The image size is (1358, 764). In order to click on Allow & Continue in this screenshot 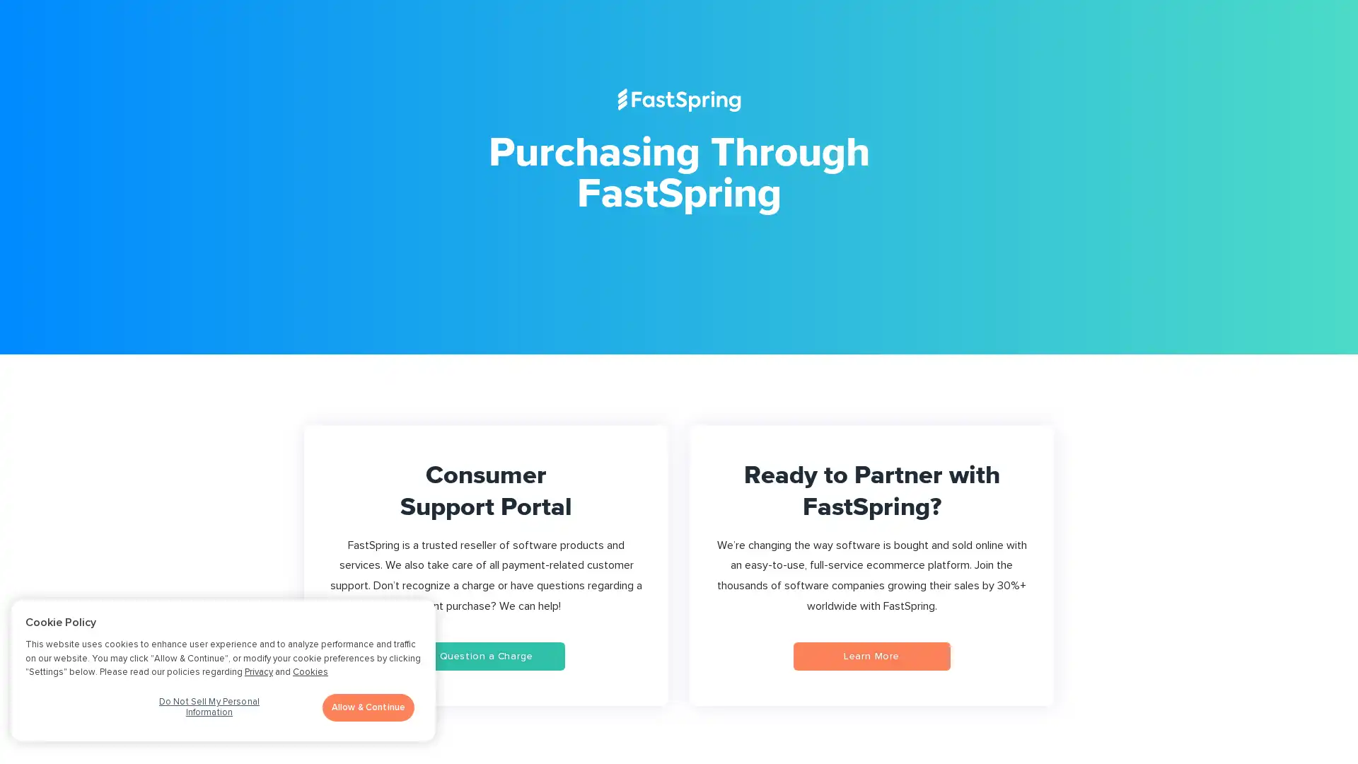, I will do `click(368, 707)`.